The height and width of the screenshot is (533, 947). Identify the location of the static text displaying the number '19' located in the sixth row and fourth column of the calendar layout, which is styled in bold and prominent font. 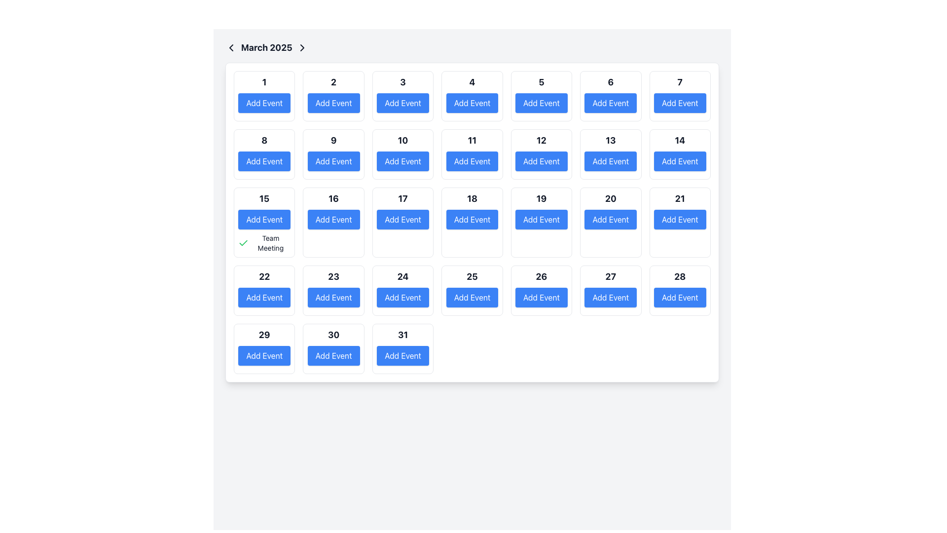
(541, 198).